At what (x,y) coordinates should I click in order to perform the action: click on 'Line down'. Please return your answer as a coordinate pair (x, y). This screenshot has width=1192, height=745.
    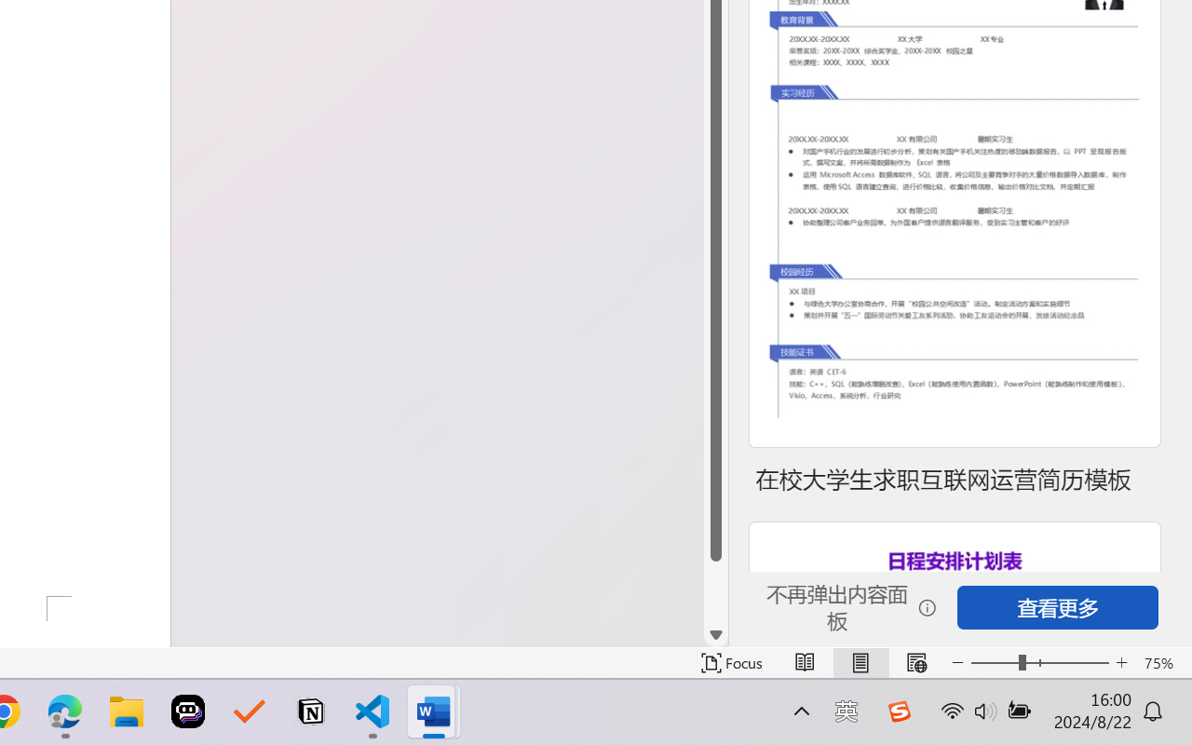
    Looking at the image, I should click on (715, 635).